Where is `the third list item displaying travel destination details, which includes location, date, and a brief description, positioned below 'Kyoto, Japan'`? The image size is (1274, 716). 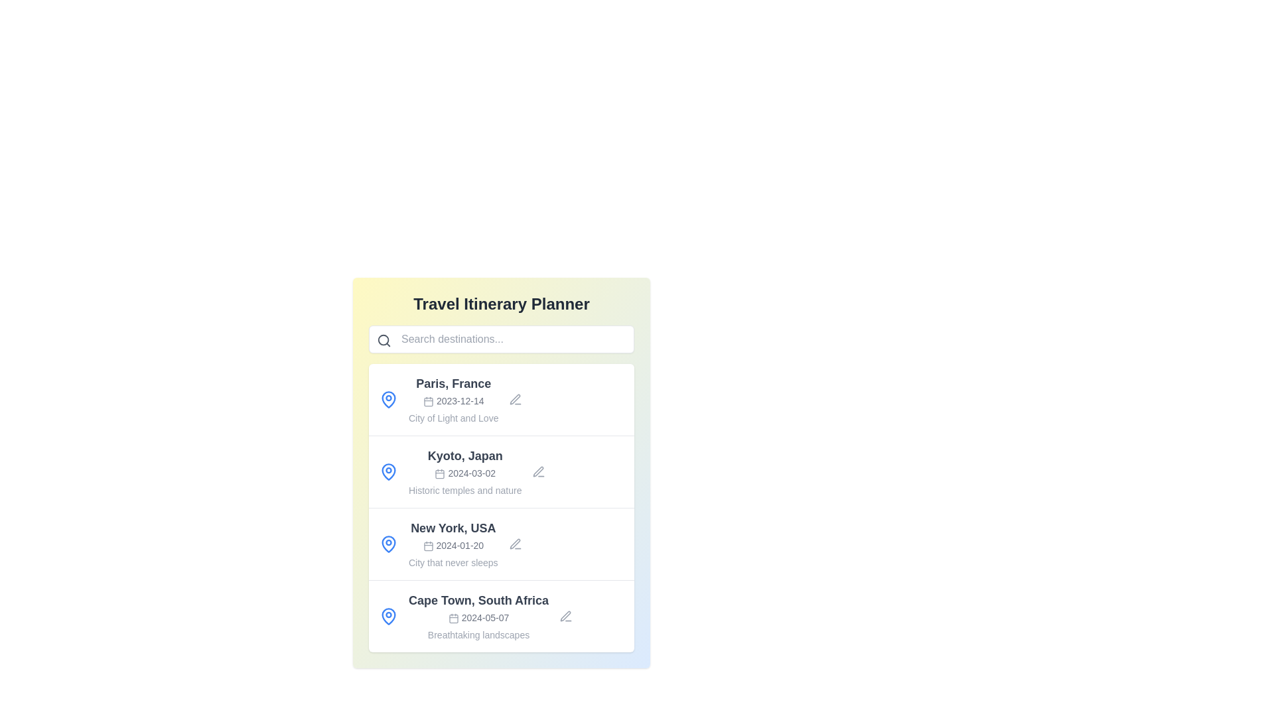
the third list item displaying travel destination details, which includes location, date, and a brief description, positioned below 'Kyoto, Japan' is located at coordinates (500, 544).